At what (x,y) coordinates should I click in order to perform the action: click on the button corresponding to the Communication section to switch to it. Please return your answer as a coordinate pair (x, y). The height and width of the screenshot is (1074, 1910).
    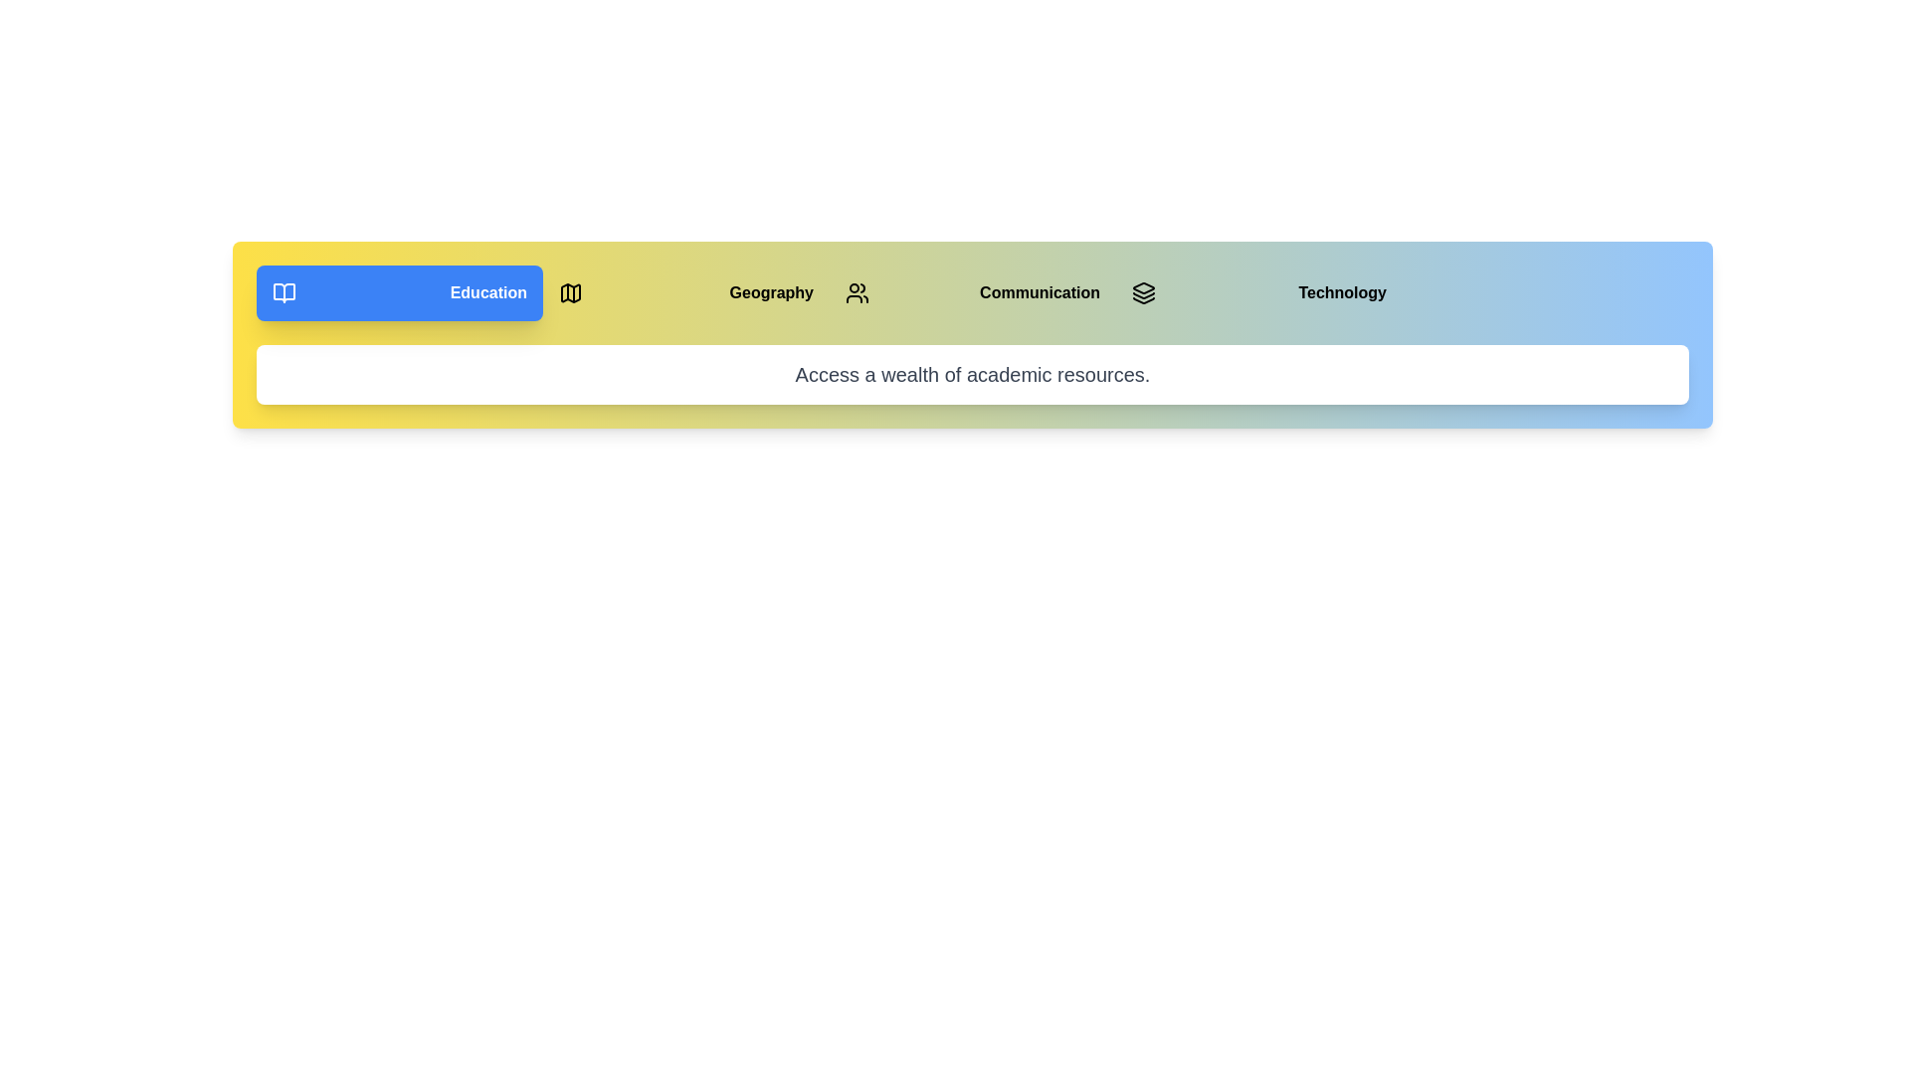
    Looking at the image, I should click on (973, 292).